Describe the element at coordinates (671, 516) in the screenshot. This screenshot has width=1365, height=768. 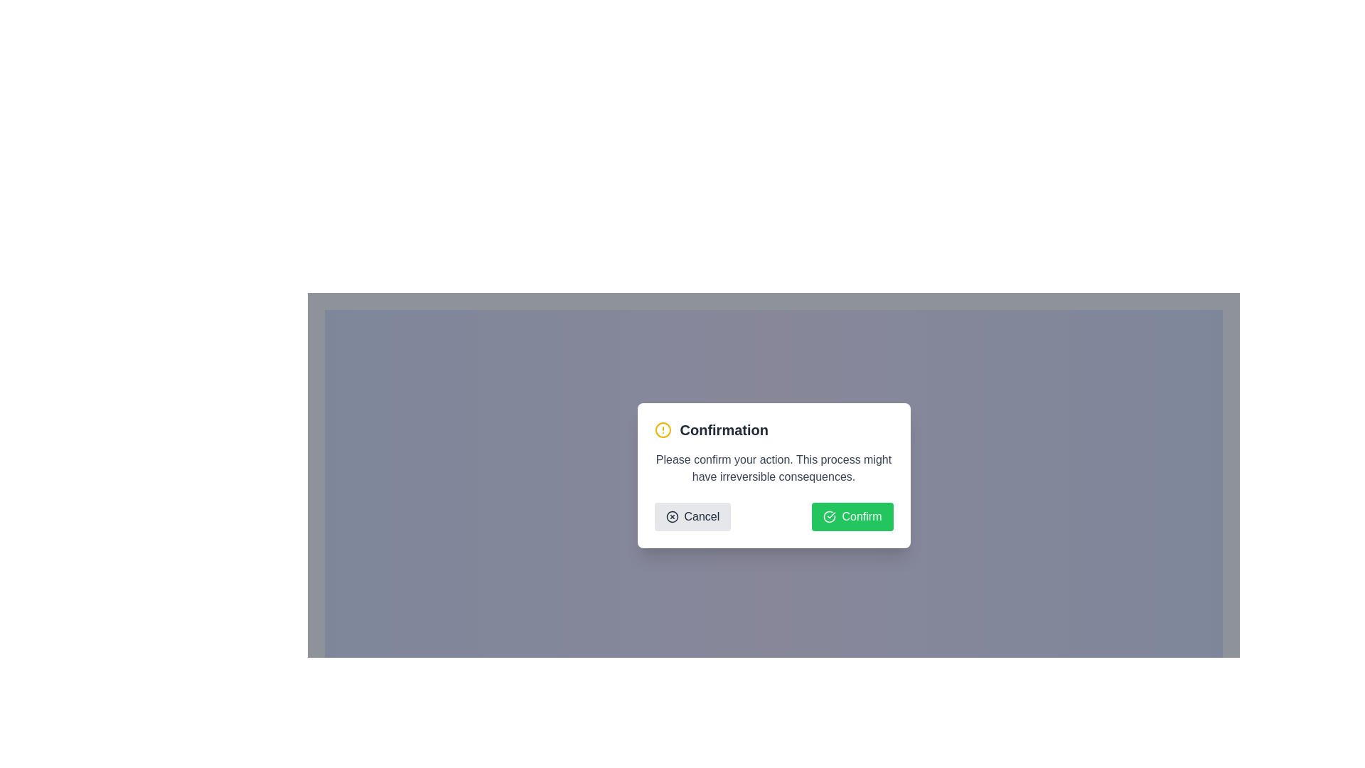
I see `the decorative SVG icon located near the 'Cancel' button in the modal dialog box` at that location.